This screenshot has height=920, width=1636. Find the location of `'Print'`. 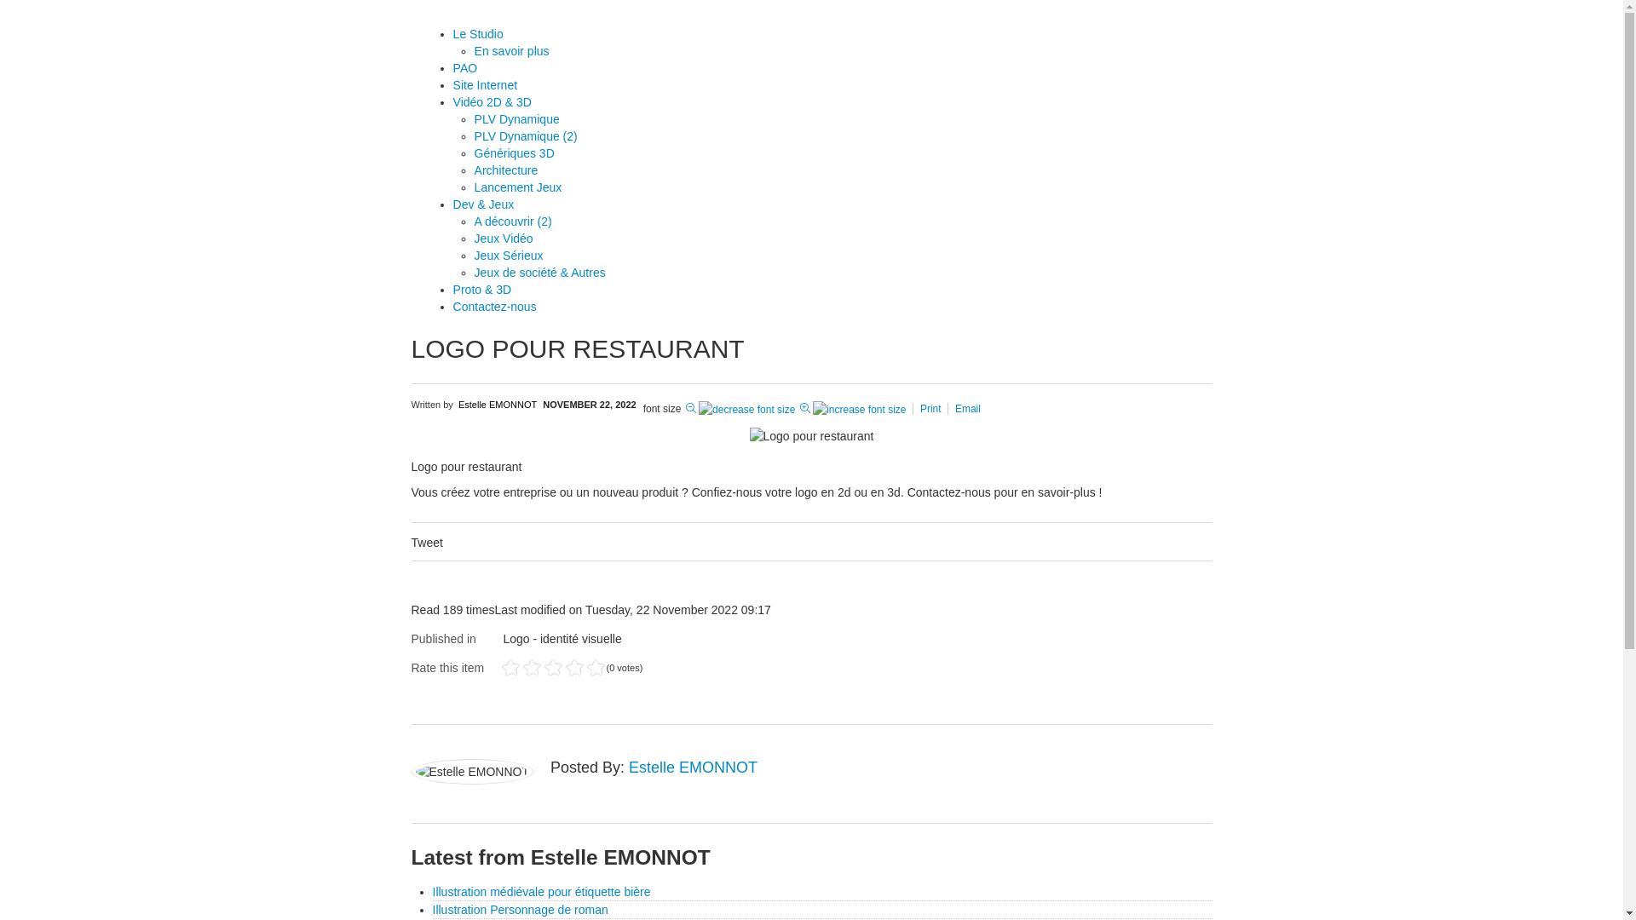

'Print' is located at coordinates (931, 408).